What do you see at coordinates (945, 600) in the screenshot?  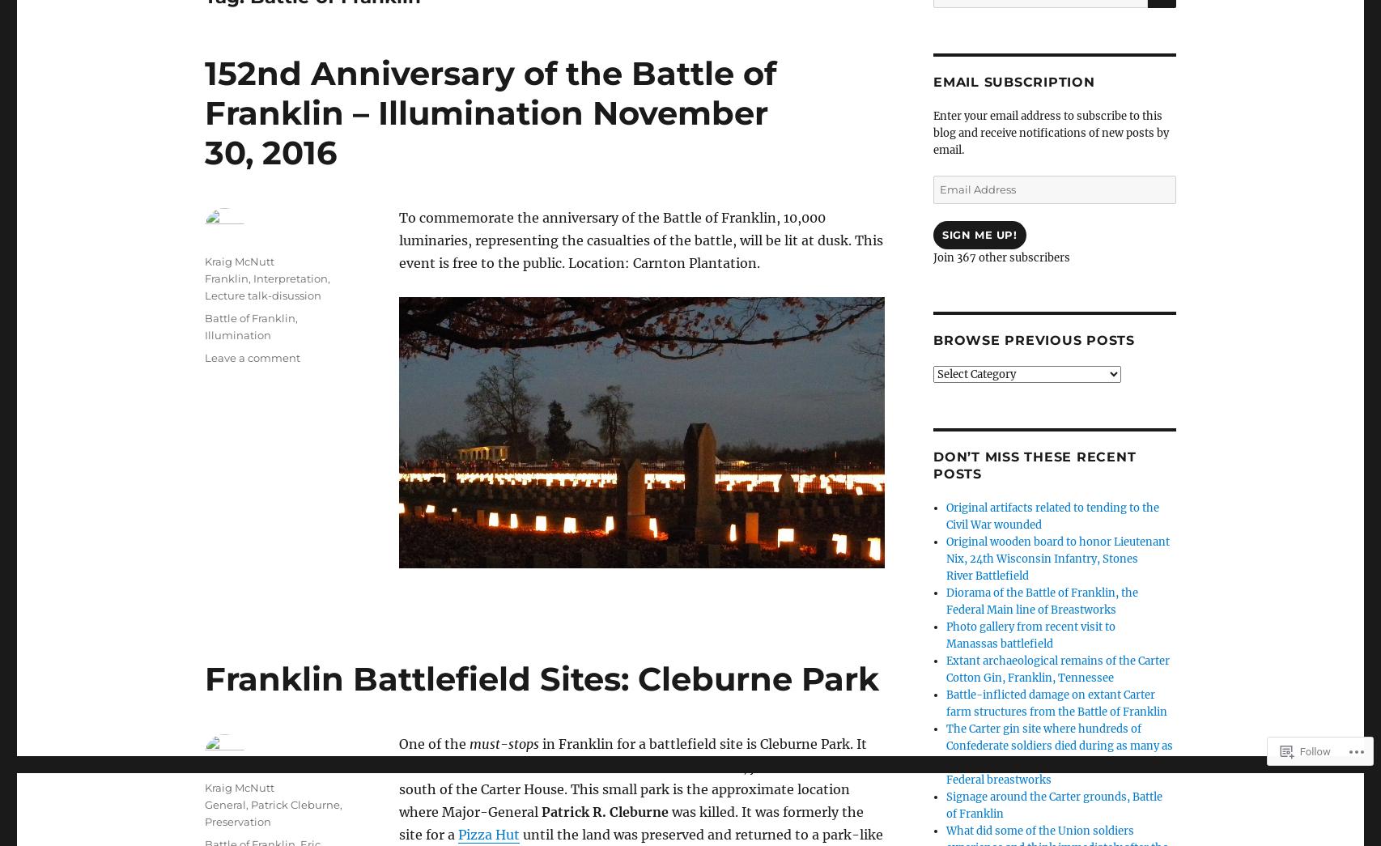 I see `'Diorama of the Battle of Franklin, the Federal Main line of Breastworks'` at bounding box center [945, 600].